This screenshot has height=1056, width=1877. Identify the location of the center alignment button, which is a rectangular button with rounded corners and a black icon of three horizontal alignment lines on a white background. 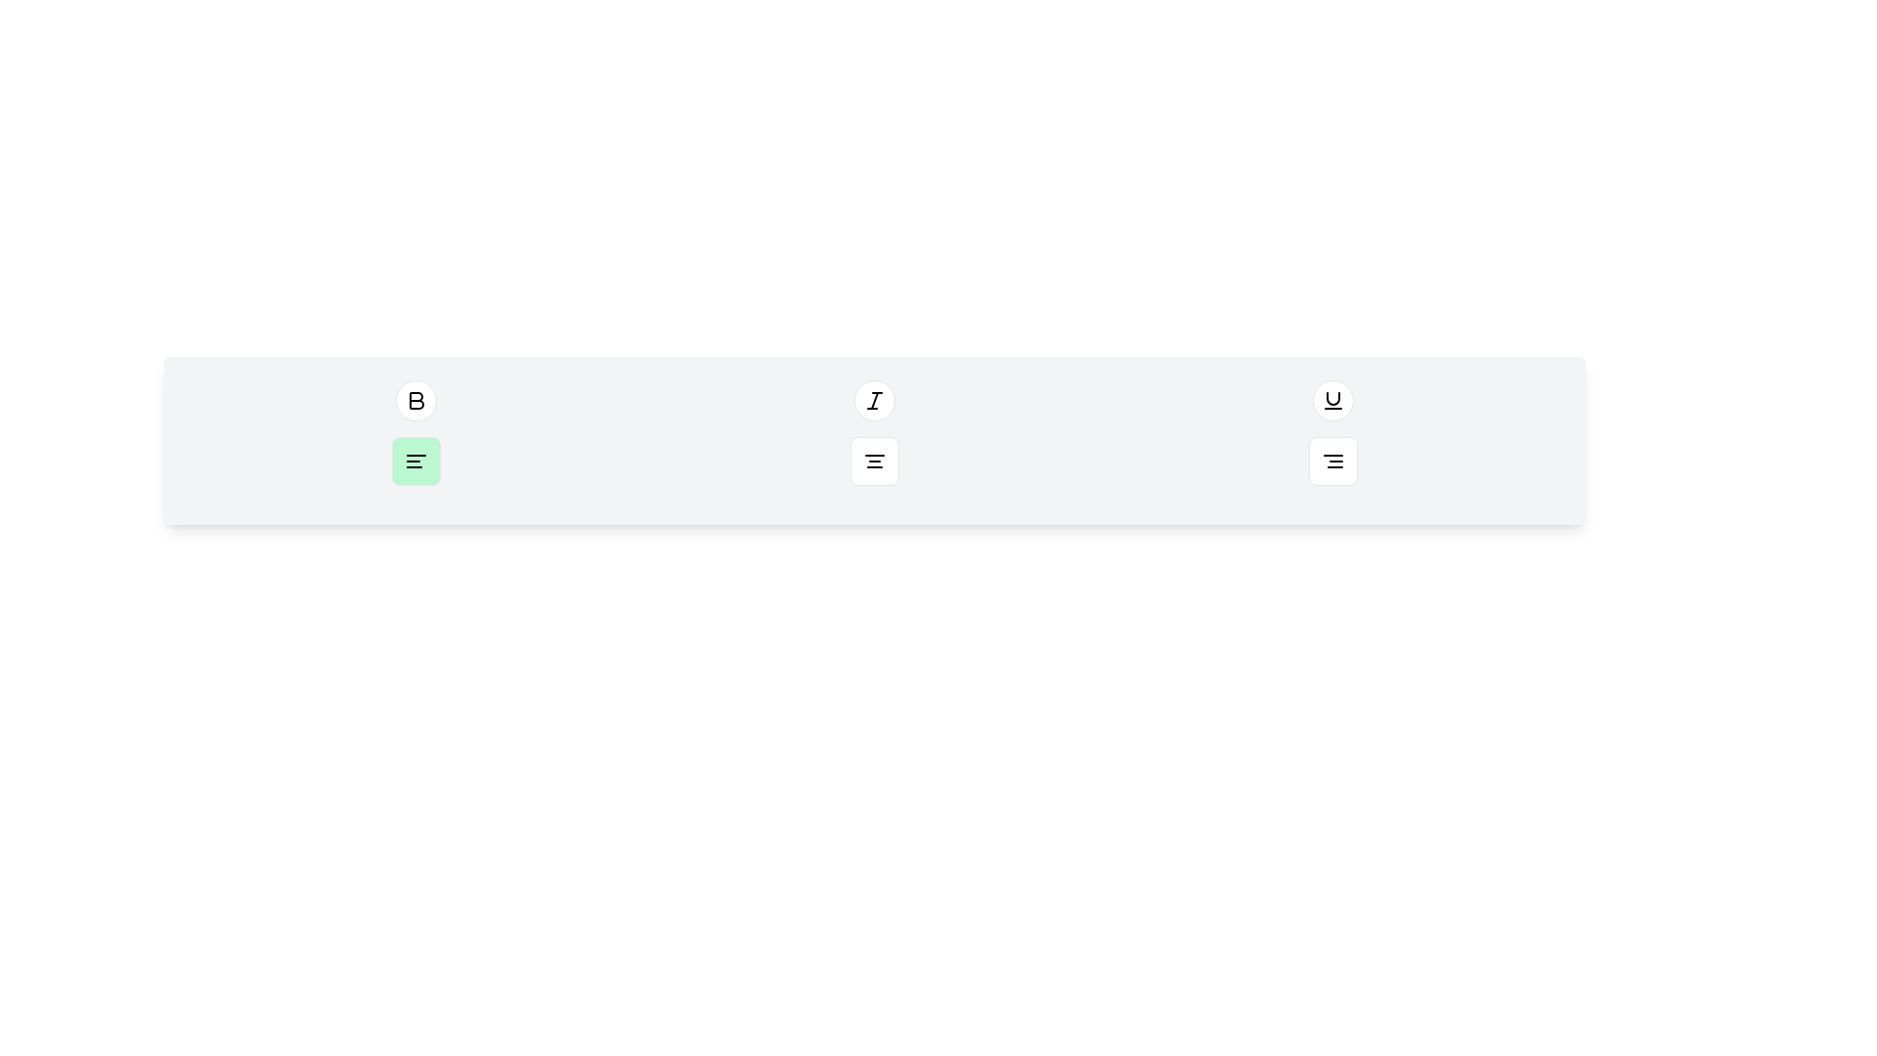
(873, 461).